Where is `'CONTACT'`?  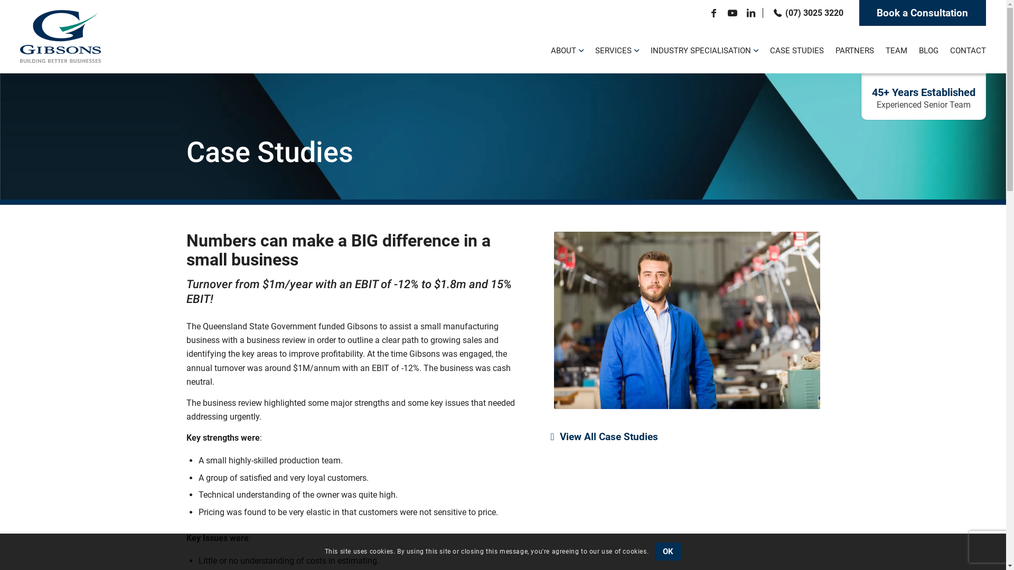 'CONTACT' is located at coordinates (965, 49).